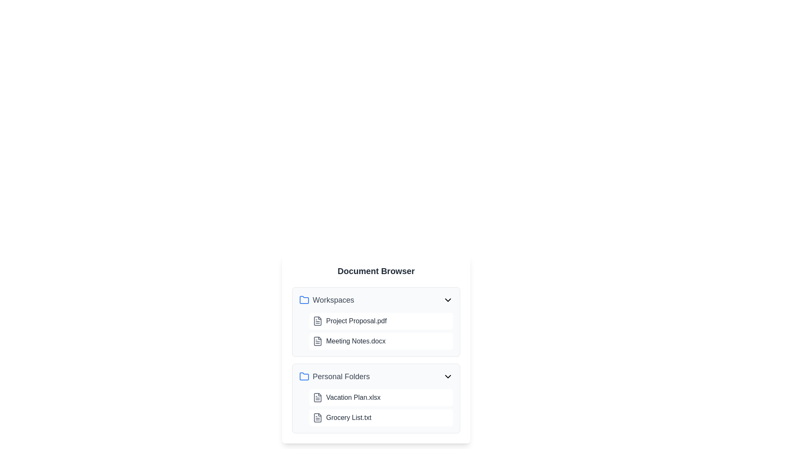 This screenshot has height=454, width=807. Describe the element at coordinates (356, 341) in the screenshot. I see `the text label displaying 'Meeting Notes.docx' in the Document Browser under the Workspaces section` at that location.